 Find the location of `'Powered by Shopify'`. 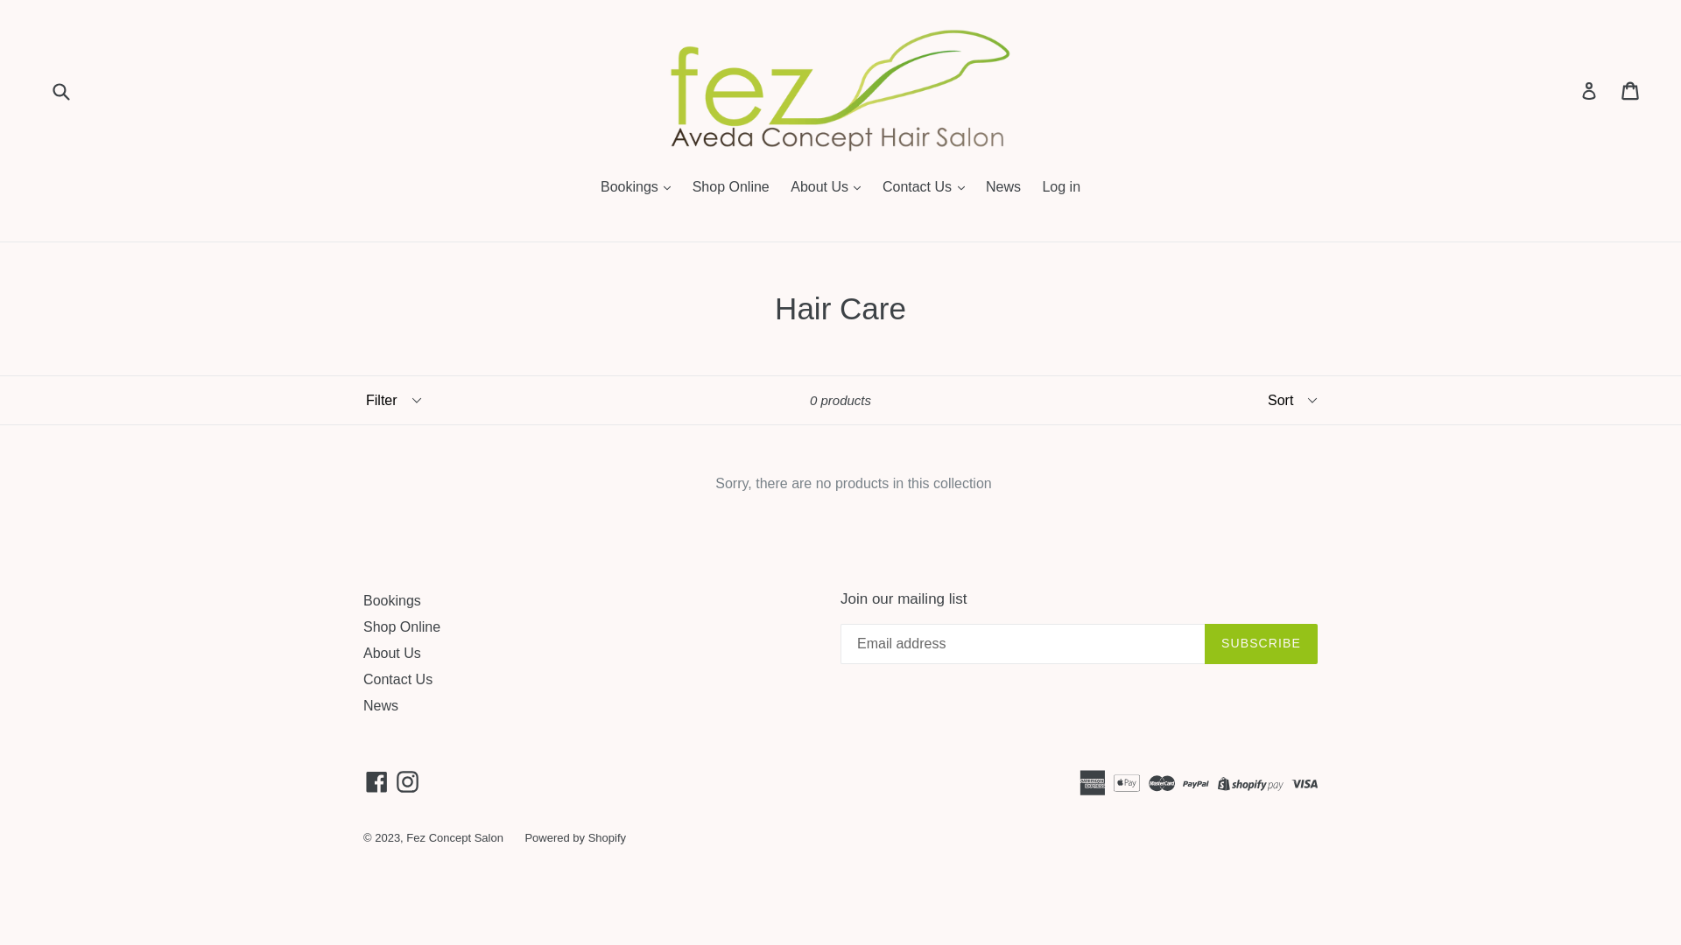

'Powered by Shopify' is located at coordinates (524, 836).